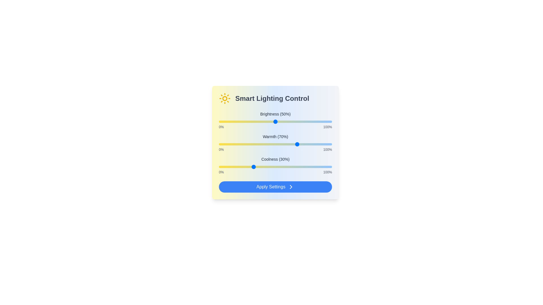 This screenshot has height=305, width=543. What do you see at coordinates (317, 166) in the screenshot?
I see `the Coolness slider to 87%` at bounding box center [317, 166].